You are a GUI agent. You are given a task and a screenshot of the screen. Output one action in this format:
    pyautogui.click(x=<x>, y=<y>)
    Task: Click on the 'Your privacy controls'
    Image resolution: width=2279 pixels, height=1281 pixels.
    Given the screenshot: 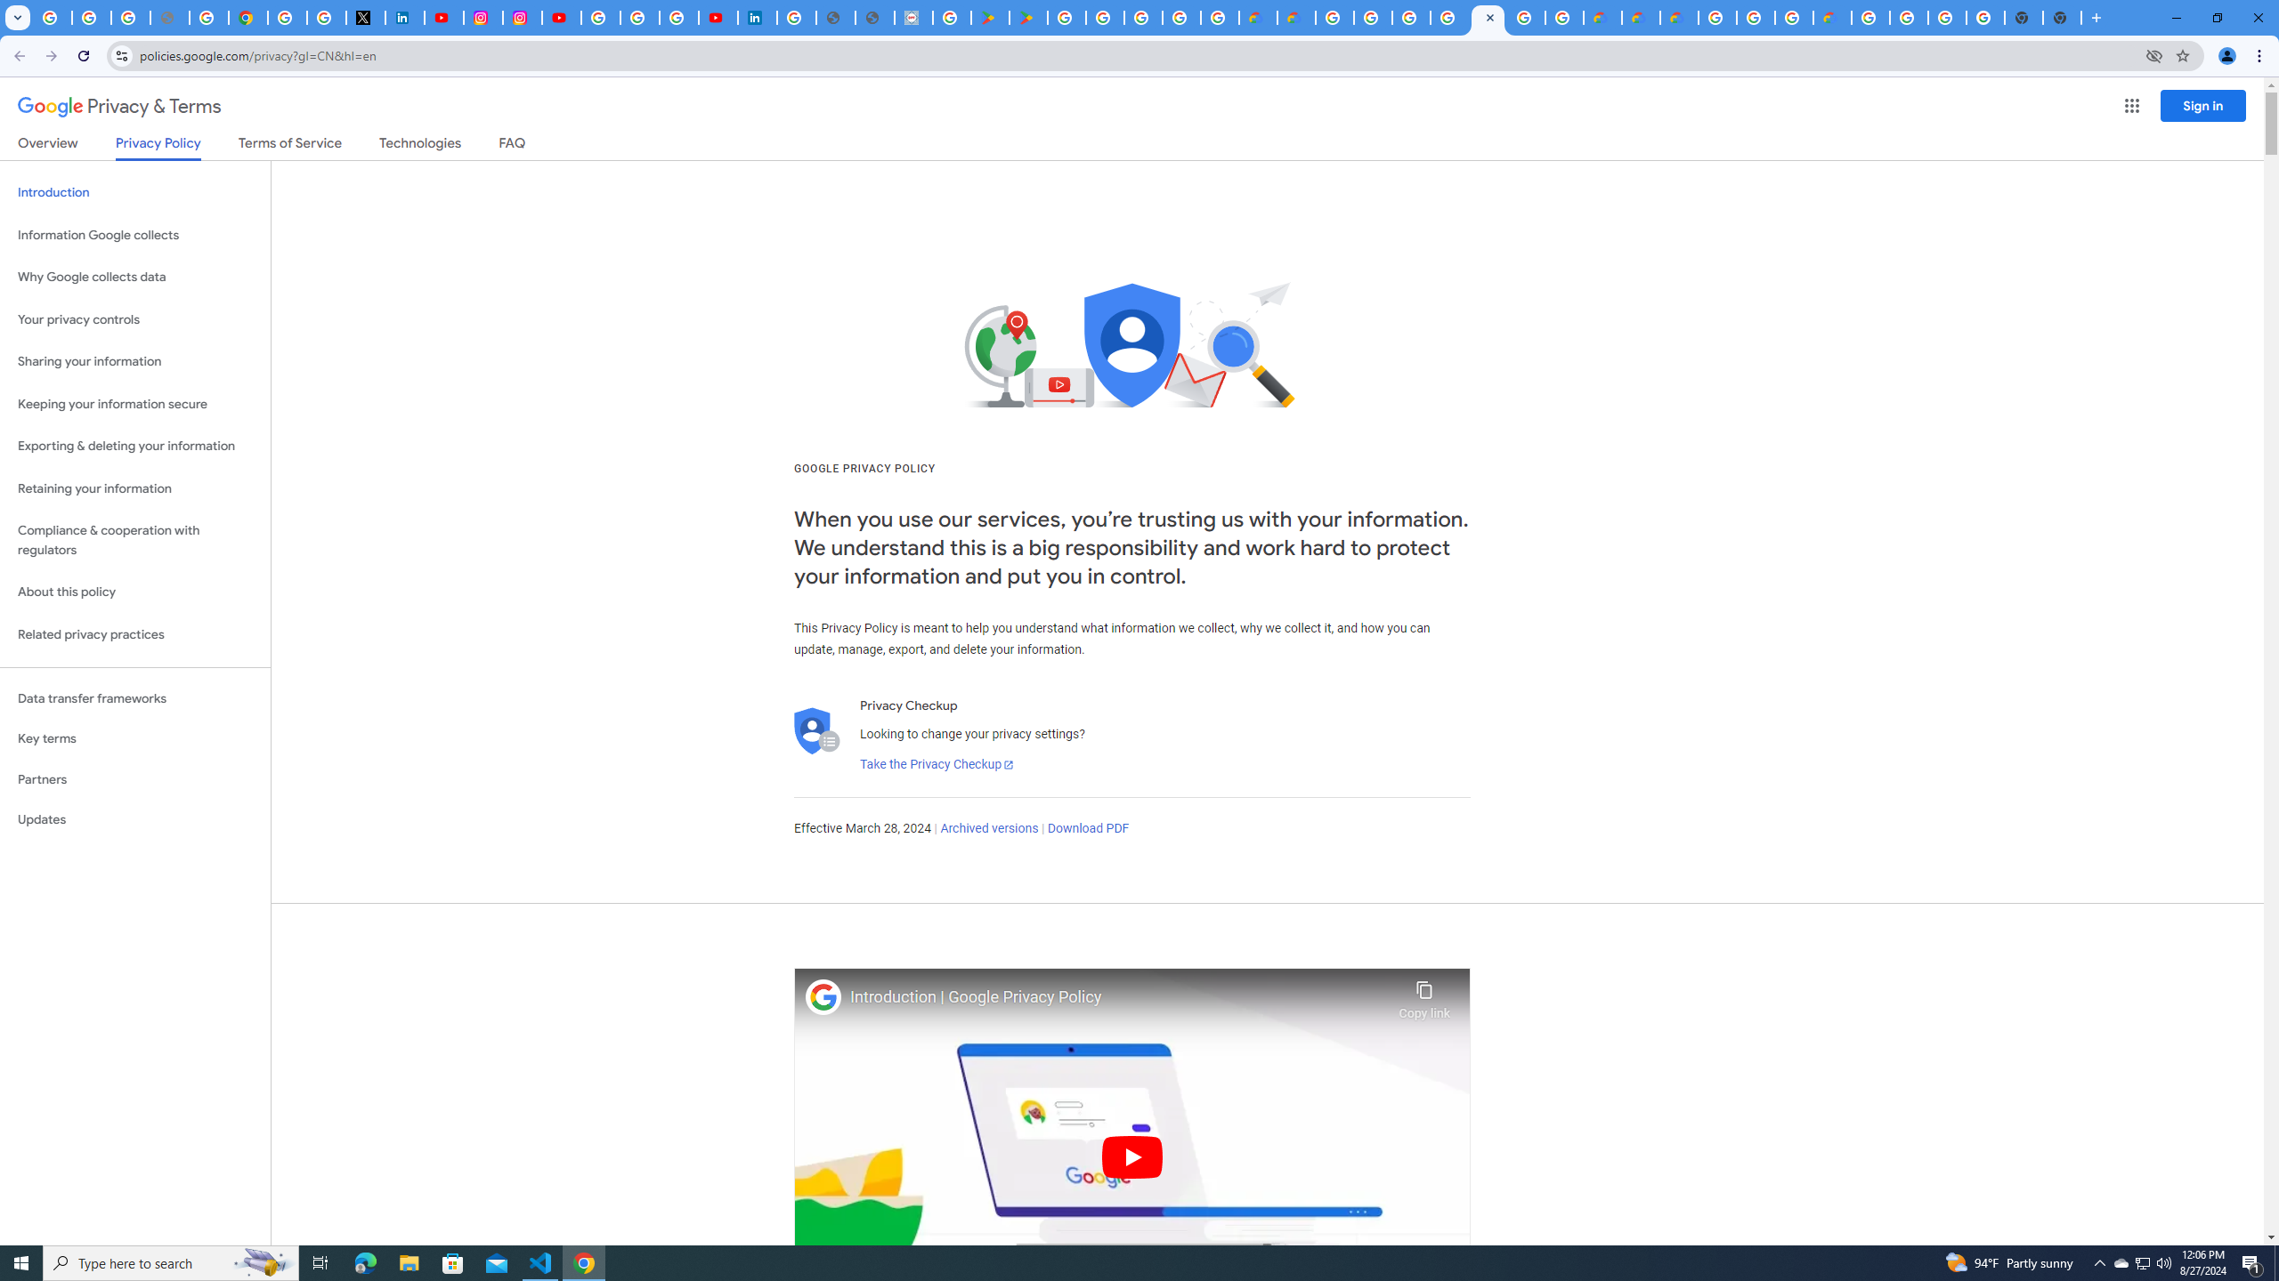 What is the action you would take?
    pyautogui.click(x=134, y=320)
    